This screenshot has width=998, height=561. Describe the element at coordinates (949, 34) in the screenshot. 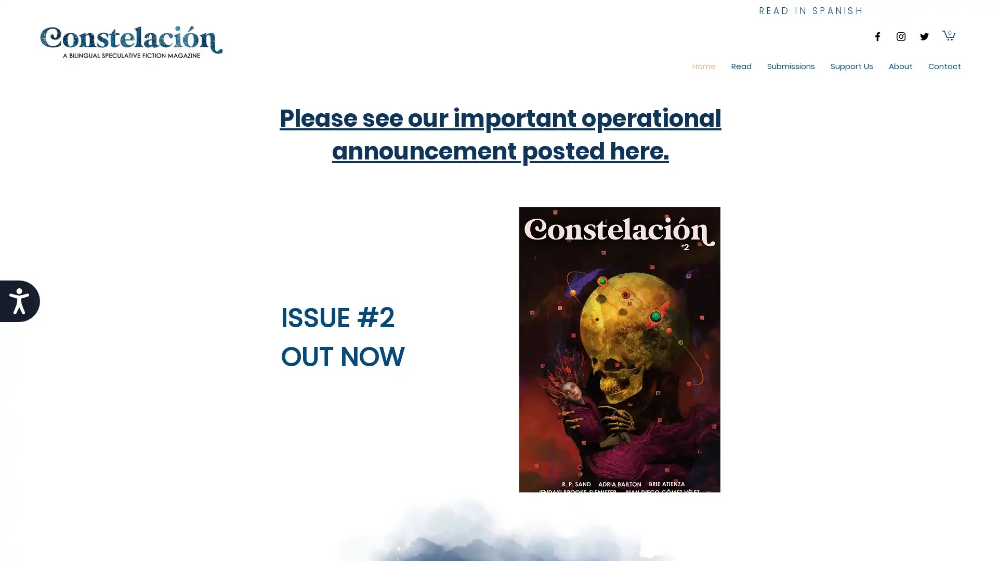

I see `Cart with 0 items` at that location.